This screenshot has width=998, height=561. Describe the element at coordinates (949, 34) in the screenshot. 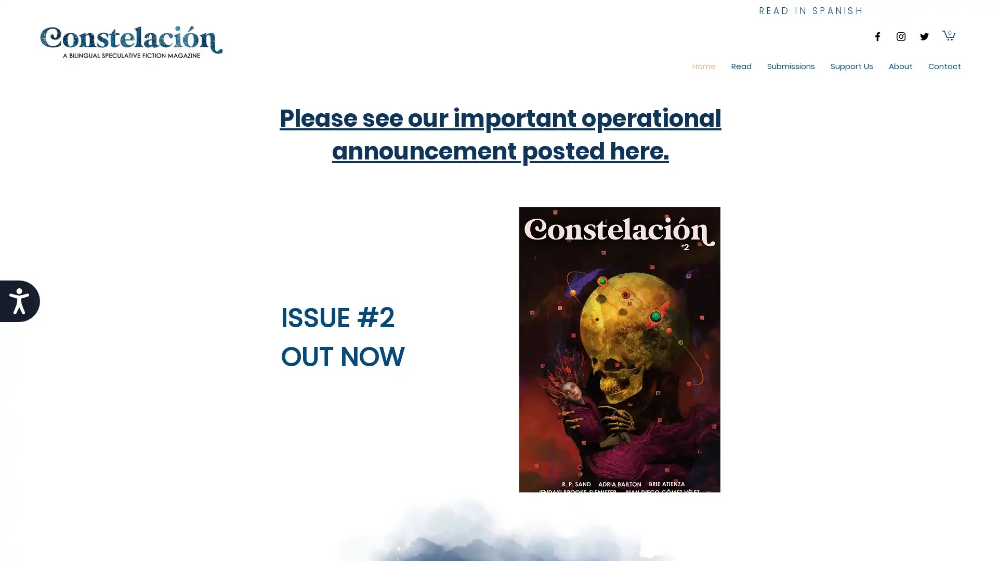

I see `Cart with 0 items` at that location.